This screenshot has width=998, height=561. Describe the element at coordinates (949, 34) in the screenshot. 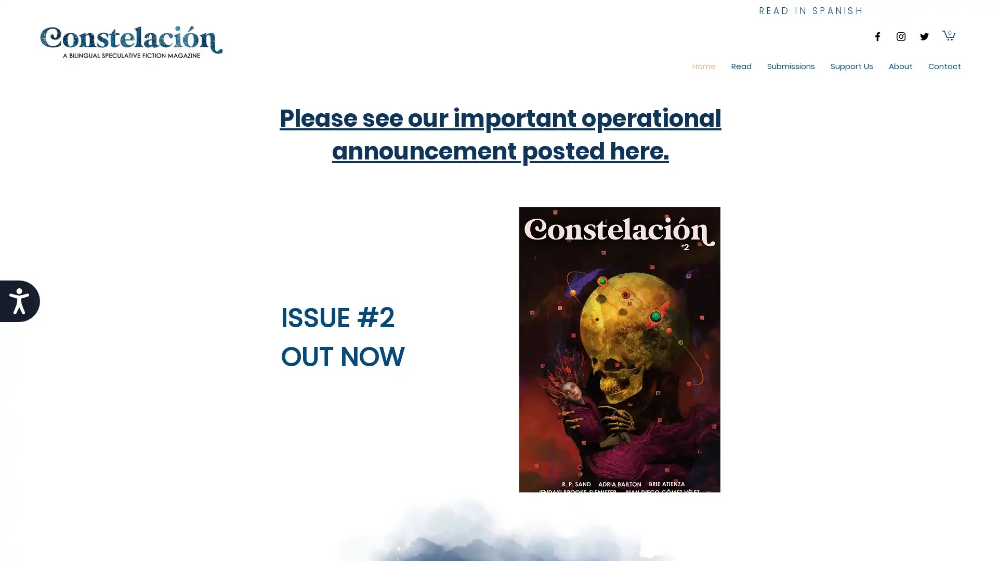

I see `Cart with 0 items` at that location.